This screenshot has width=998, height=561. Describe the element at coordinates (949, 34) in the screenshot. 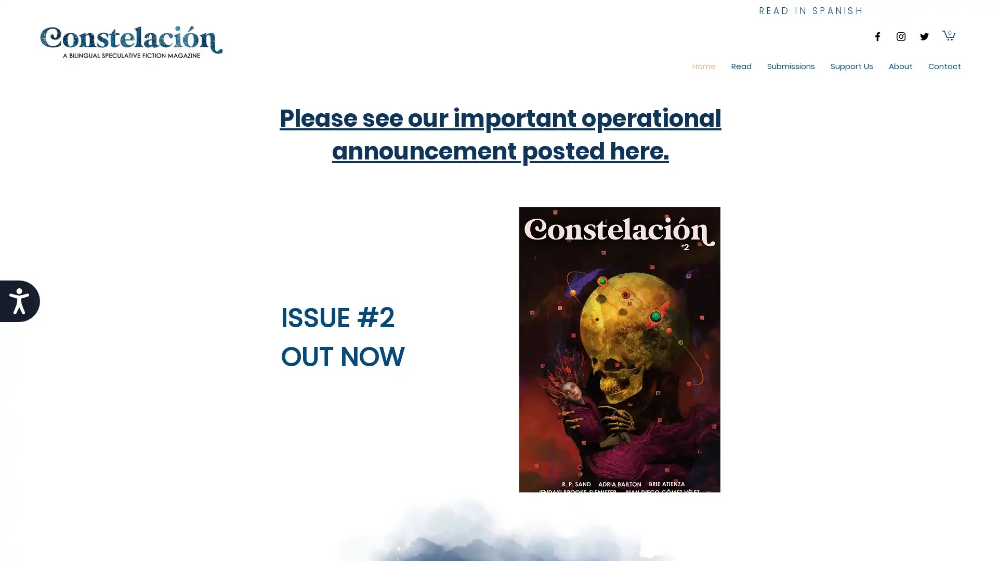

I see `Cart with 0 items` at that location.